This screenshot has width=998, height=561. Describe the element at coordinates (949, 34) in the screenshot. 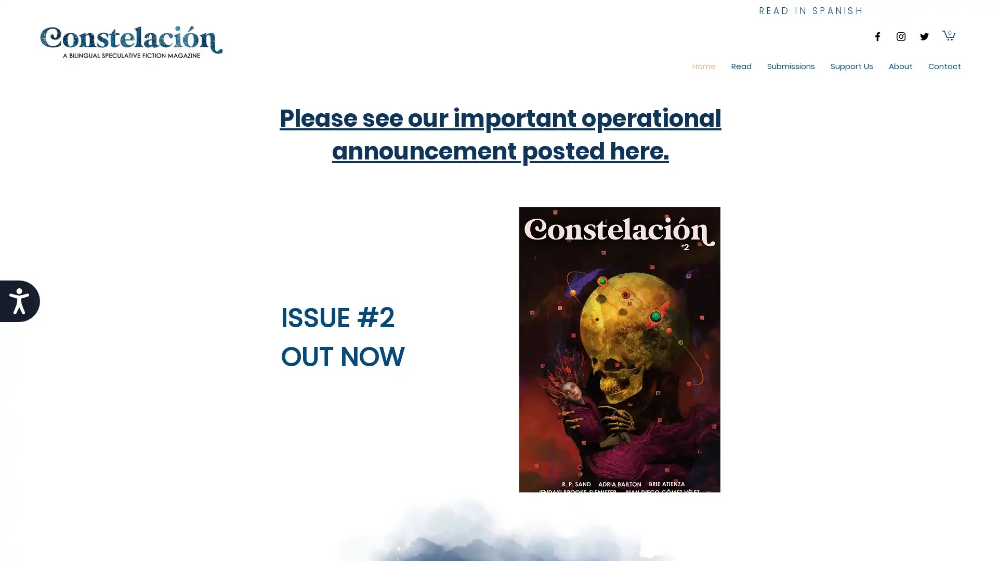

I see `Cart with 0 items` at that location.